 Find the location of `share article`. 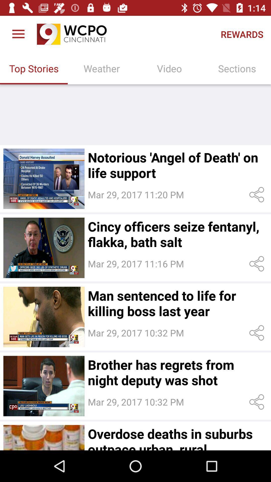

share article is located at coordinates (258, 264).